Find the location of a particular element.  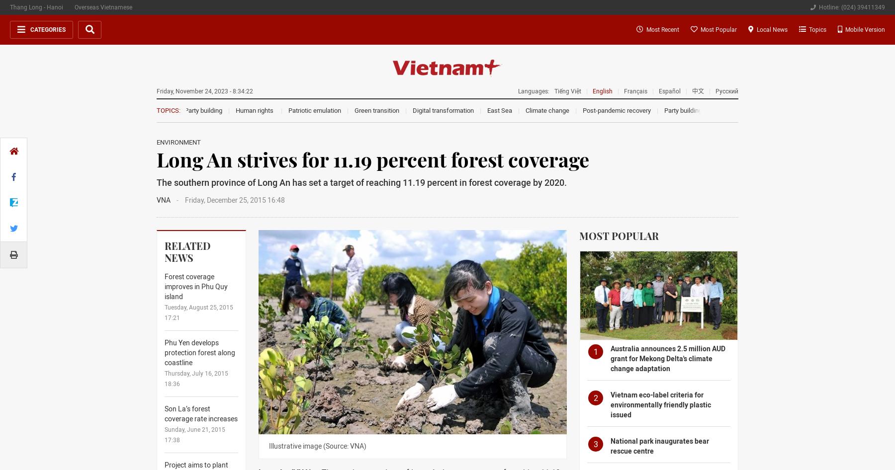

'Friday, November 24, 2023 - 8:34:22' is located at coordinates (156, 91).